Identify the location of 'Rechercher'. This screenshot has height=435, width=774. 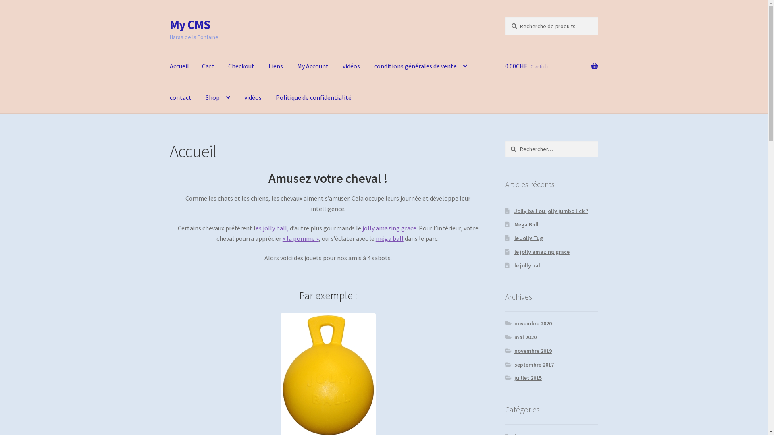
(504, 140).